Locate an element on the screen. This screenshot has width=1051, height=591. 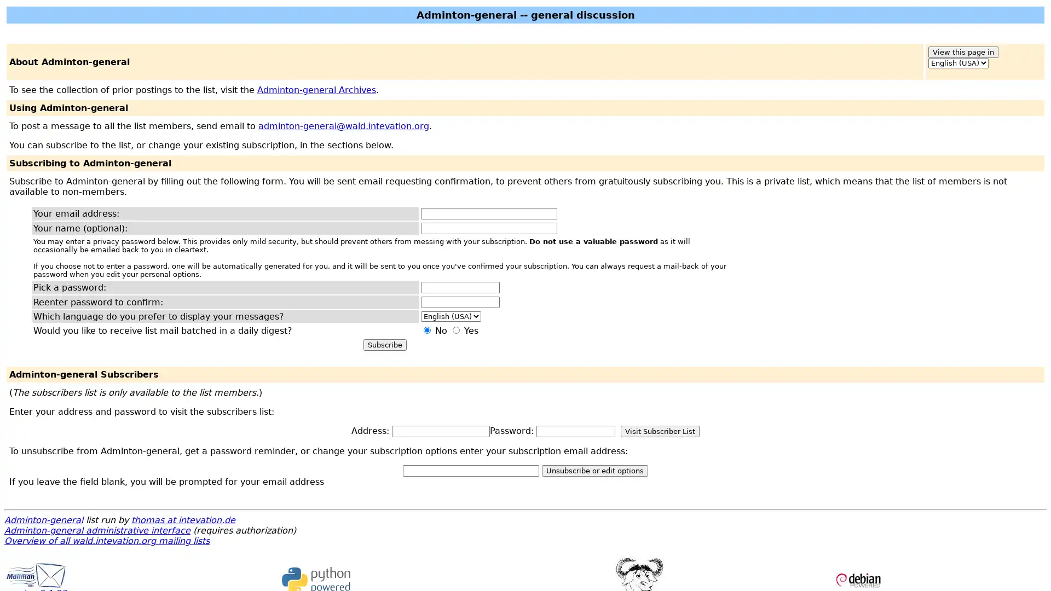
Visit Subscriber List is located at coordinates (659, 431).